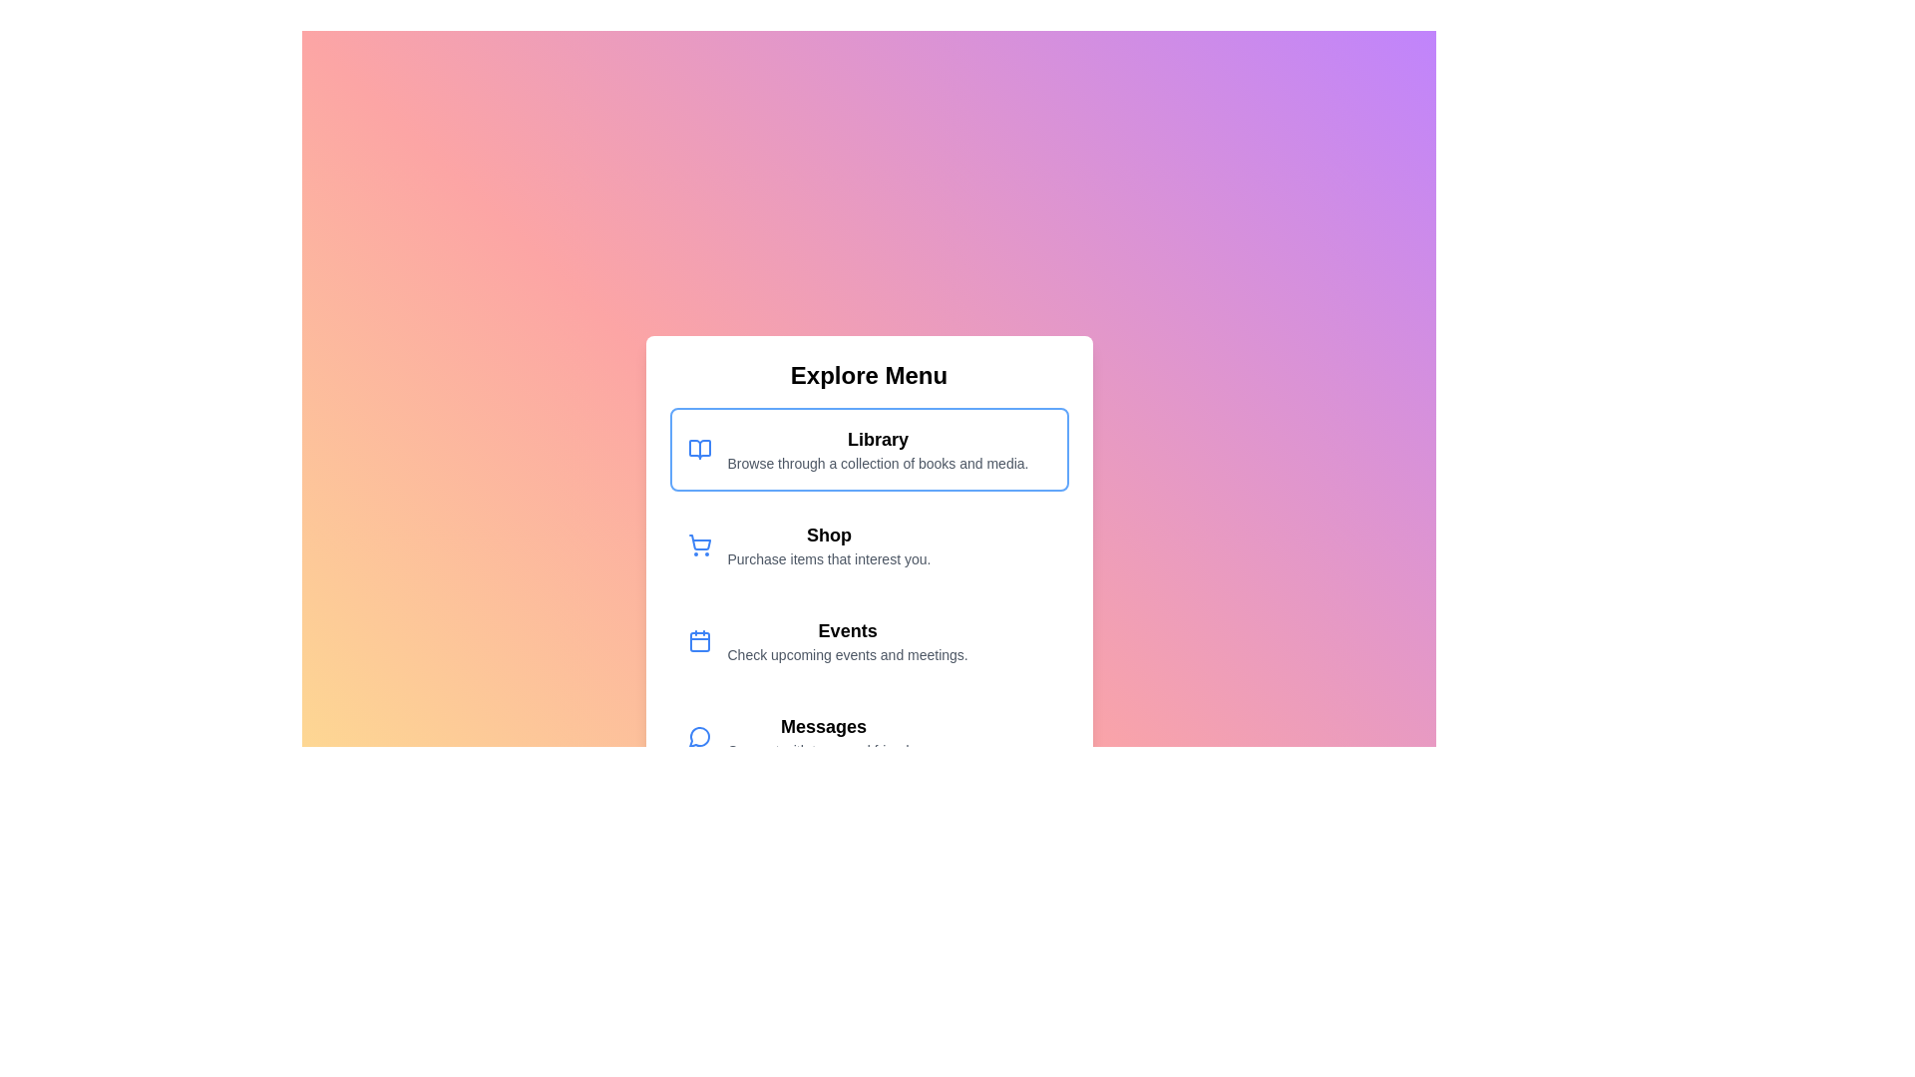 The width and height of the screenshot is (1915, 1077). I want to click on the menu option corresponding to Shop, so click(869, 545).